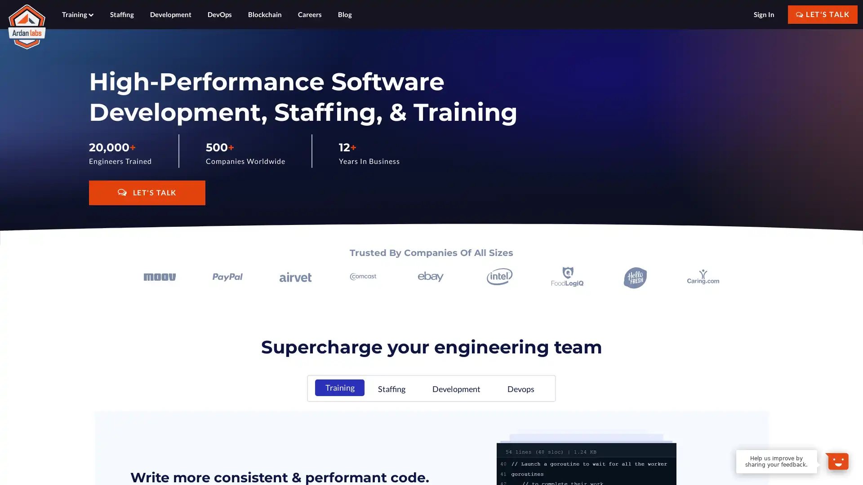 Image resolution: width=863 pixels, height=485 pixels. What do you see at coordinates (816, 450) in the screenshot?
I see `Dismiss Message` at bounding box center [816, 450].